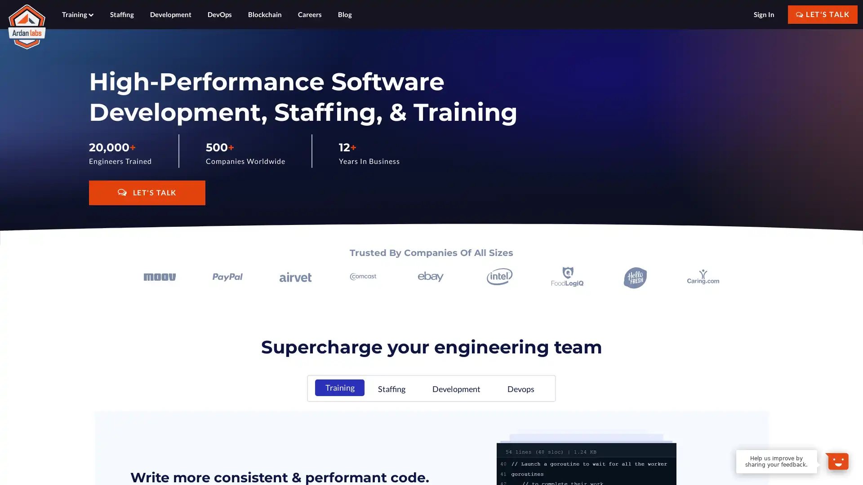 Image resolution: width=863 pixels, height=485 pixels. What do you see at coordinates (816, 450) in the screenshot?
I see `Dismiss Message` at bounding box center [816, 450].